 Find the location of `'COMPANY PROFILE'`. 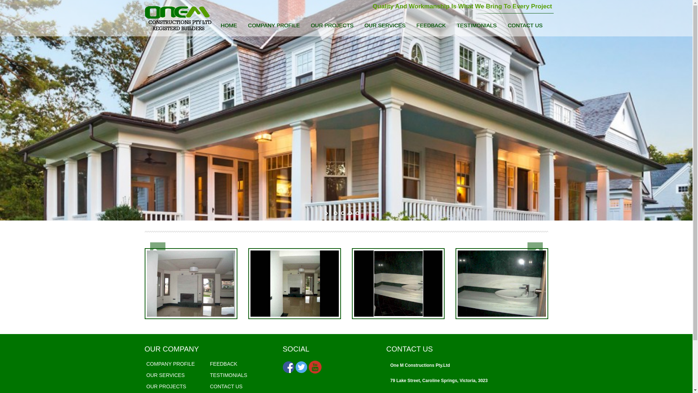

'COMPANY PROFILE' is located at coordinates (273, 26).